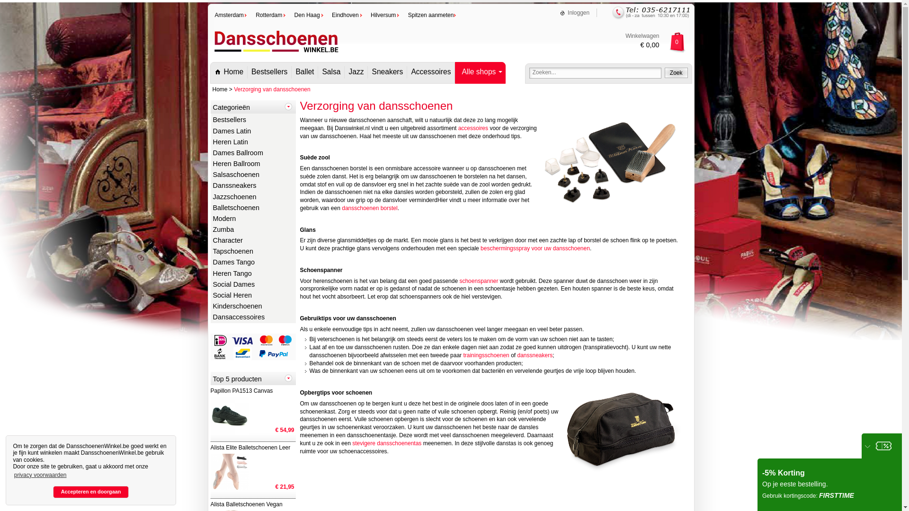 The image size is (909, 511). What do you see at coordinates (252, 142) in the screenshot?
I see `'Heren Latin'` at bounding box center [252, 142].